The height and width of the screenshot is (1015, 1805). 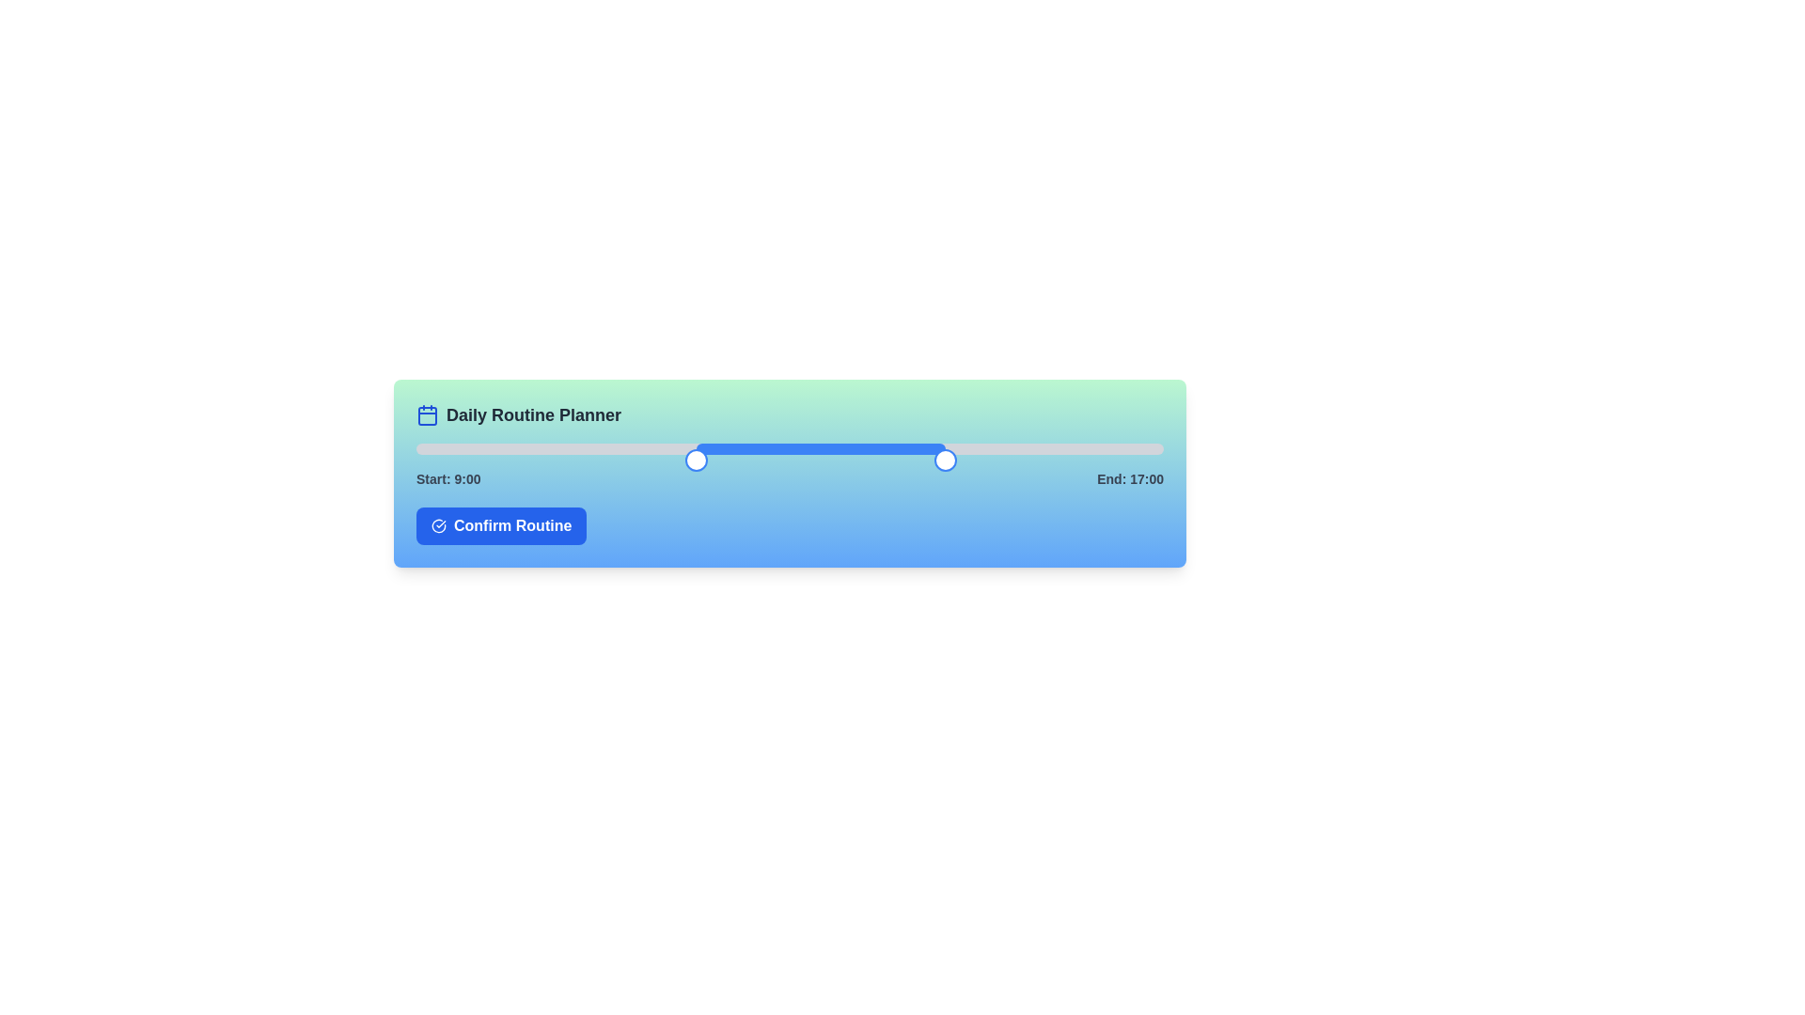 I want to click on the small calendar icon with a blue outline located to the left of the 'Daily Routine Planner' text, so click(x=427, y=414).